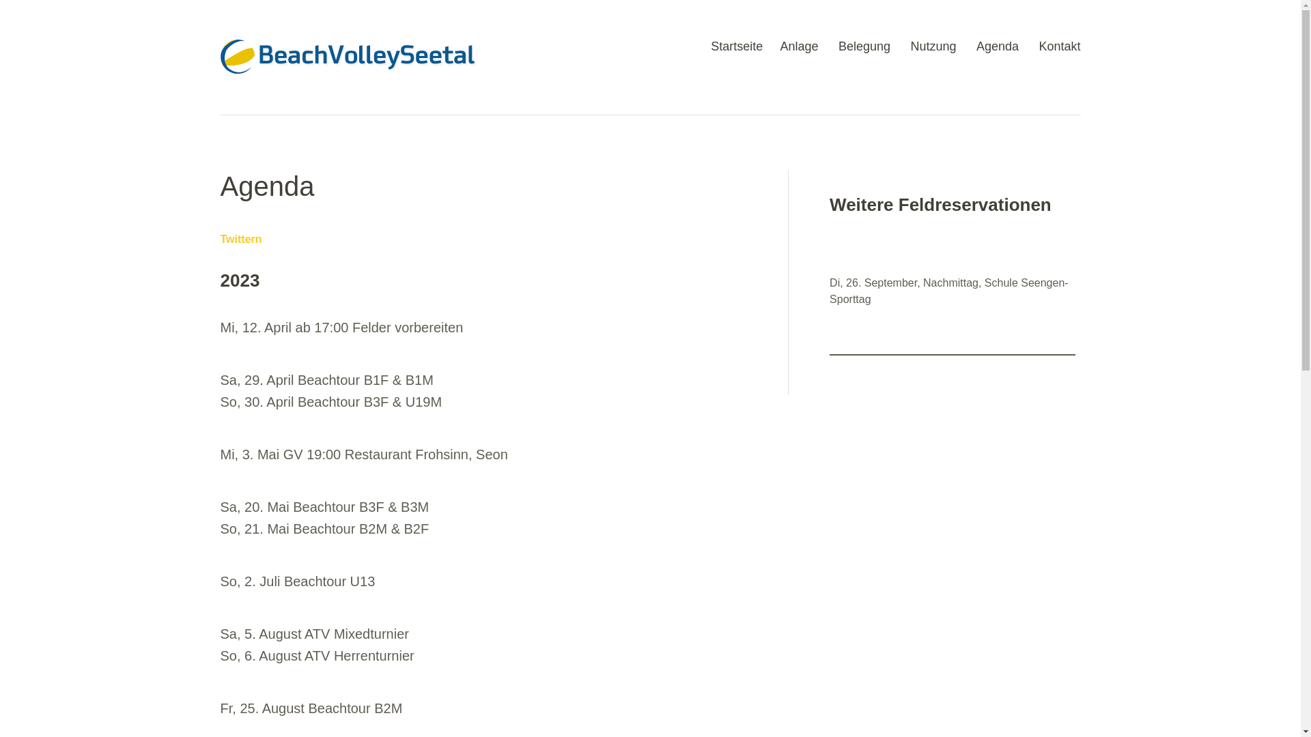 Image resolution: width=1311 pixels, height=737 pixels. I want to click on 'BeachVolleySeetal', so click(347, 76).